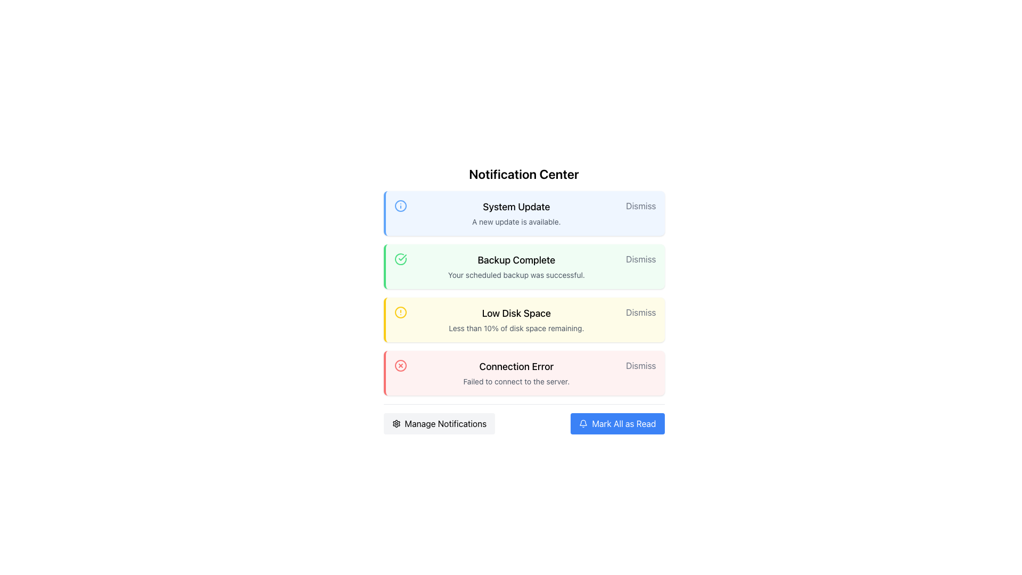 This screenshot has width=1022, height=575. What do you see at coordinates (516, 313) in the screenshot?
I see `the text label displaying 'Low Disk Space' in the Notification Center` at bounding box center [516, 313].